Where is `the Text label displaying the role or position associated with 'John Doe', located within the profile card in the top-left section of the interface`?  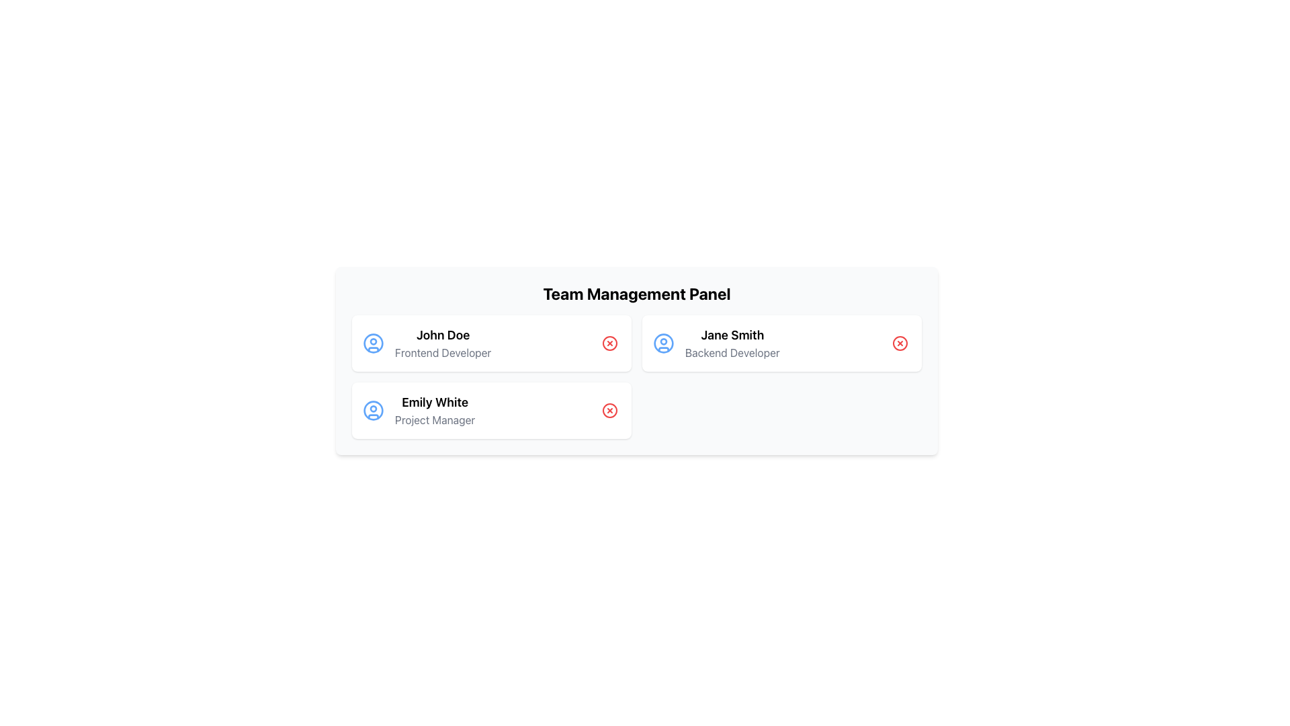 the Text label displaying the role or position associated with 'John Doe', located within the profile card in the top-left section of the interface is located at coordinates (443, 352).